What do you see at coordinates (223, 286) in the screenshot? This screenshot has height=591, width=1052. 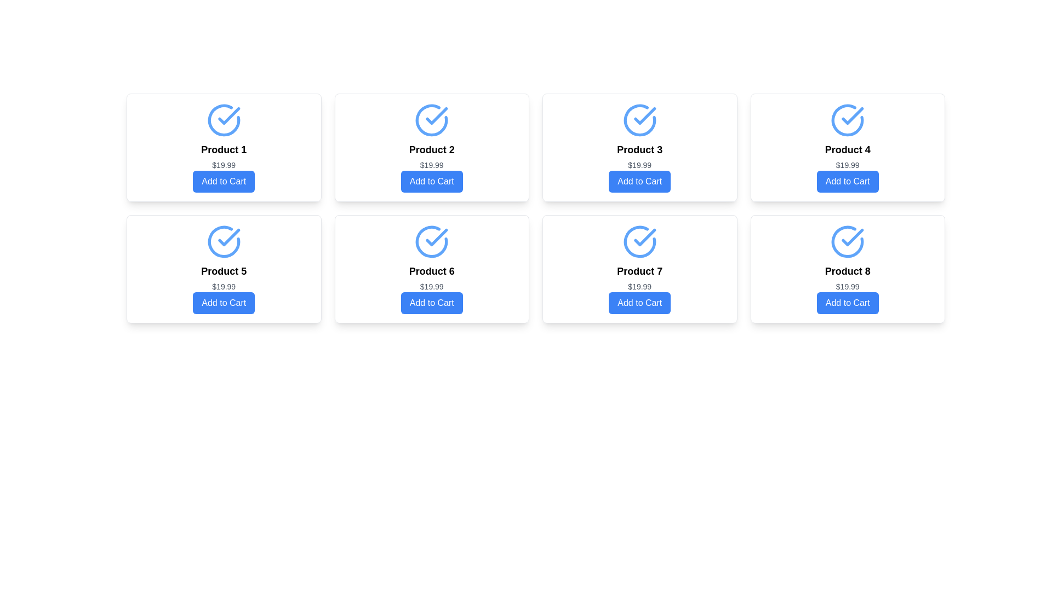 I see `the text label displaying the price '$19.99' located within the product card labeled 'Product 5', positioned directly beneath the product title and above the 'Add to Cart' button` at bounding box center [223, 286].